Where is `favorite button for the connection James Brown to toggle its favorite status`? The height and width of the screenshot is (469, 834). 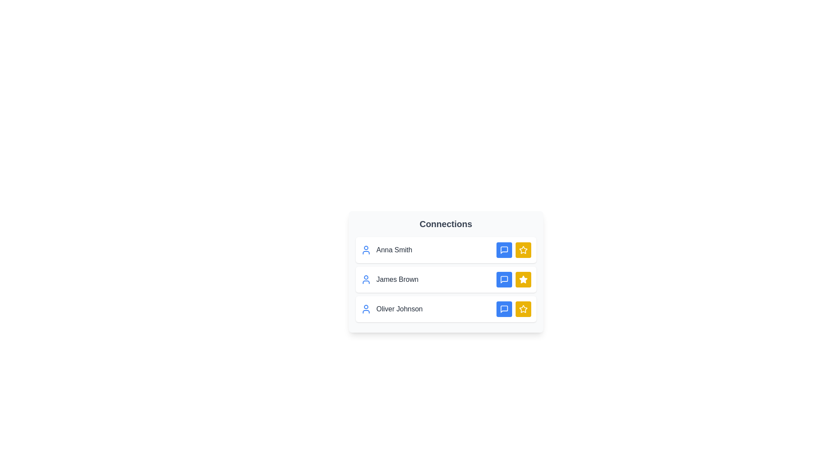 favorite button for the connection James Brown to toggle its favorite status is located at coordinates (523, 280).